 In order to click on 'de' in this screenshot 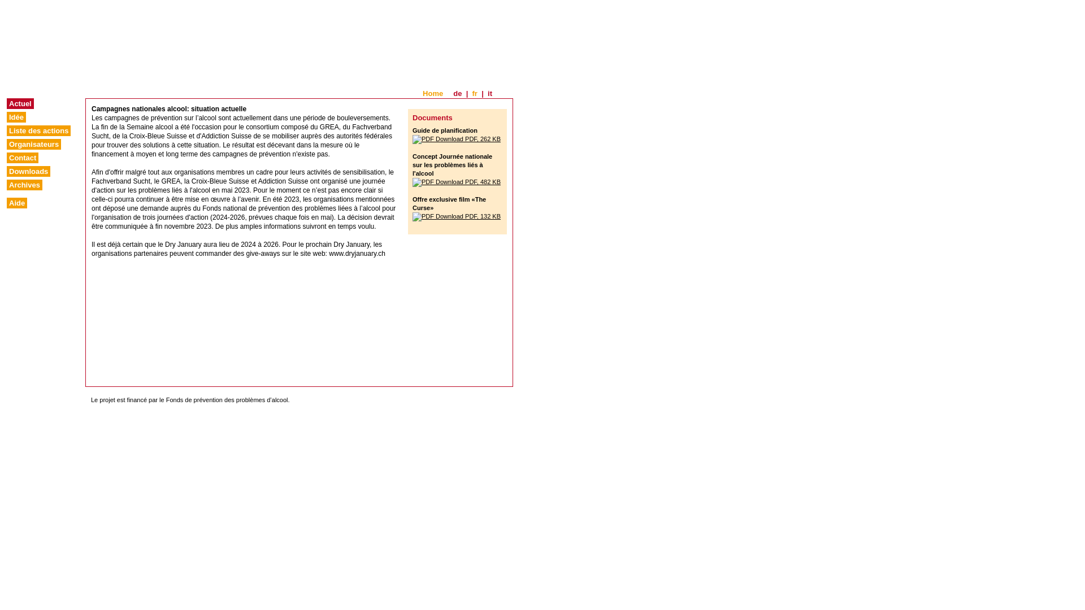, I will do `click(457, 93)`.